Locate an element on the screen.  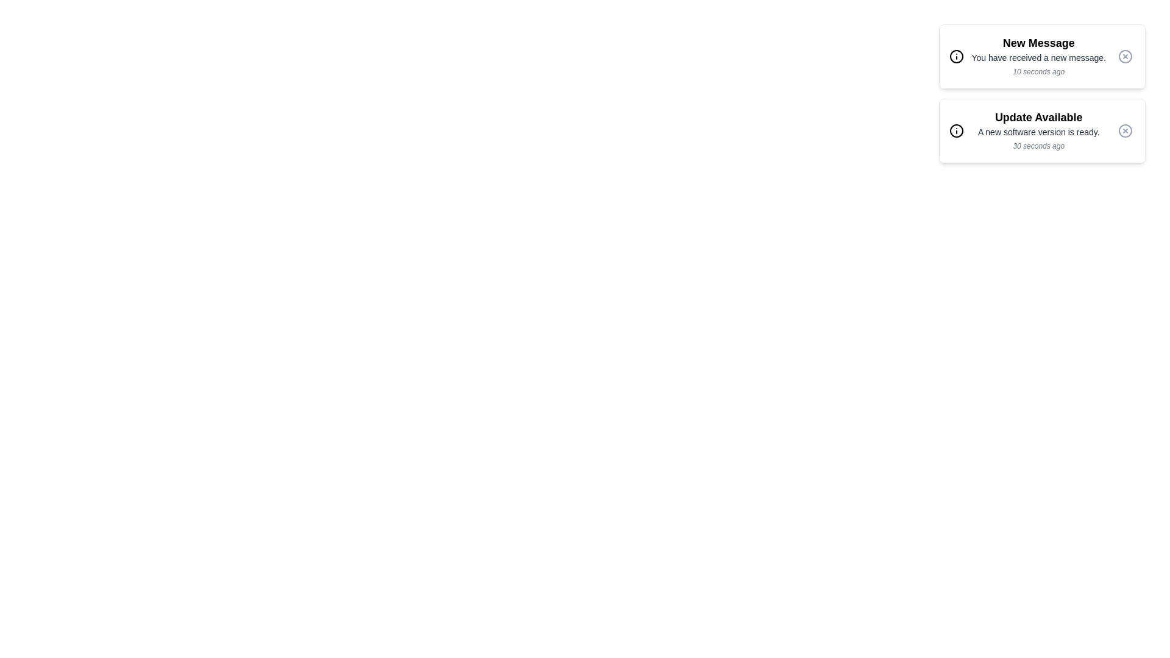
the notification with title New Message is located at coordinates (1041, 56).